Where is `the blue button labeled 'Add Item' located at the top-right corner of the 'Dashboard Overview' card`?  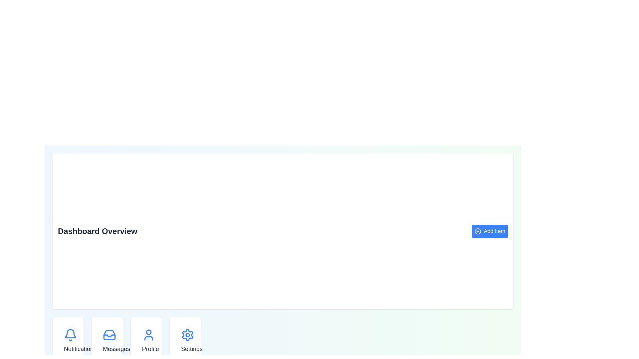 the blue button labeled 'Add Item' located at the top-right corner of the 'Dashboard Overview' card is located at coordinates (490, 231).